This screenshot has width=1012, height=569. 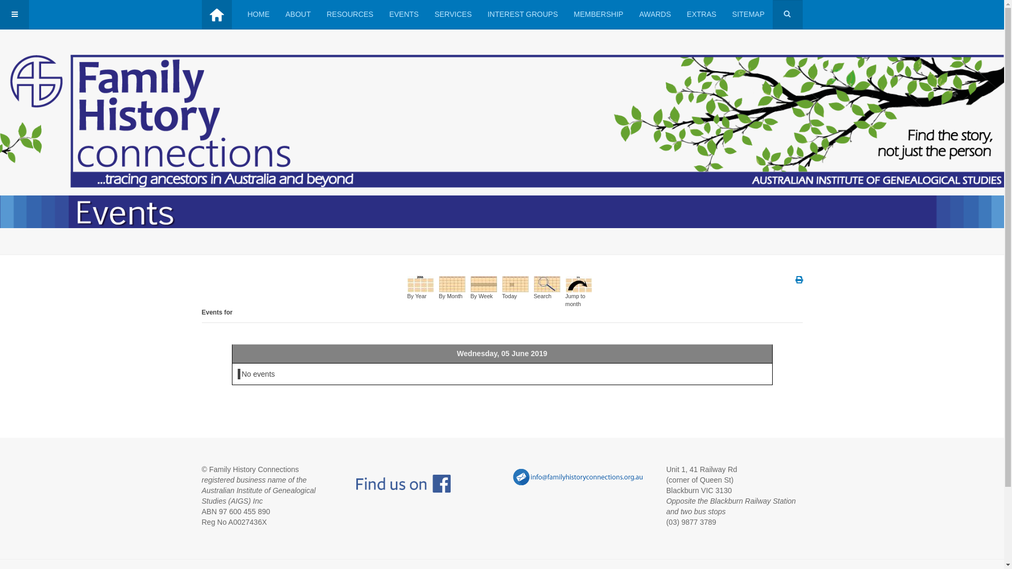 What do you see at coordinates (406, 282) in the screenshot?
I see `'By Year'` at bounding box center [406, 282].